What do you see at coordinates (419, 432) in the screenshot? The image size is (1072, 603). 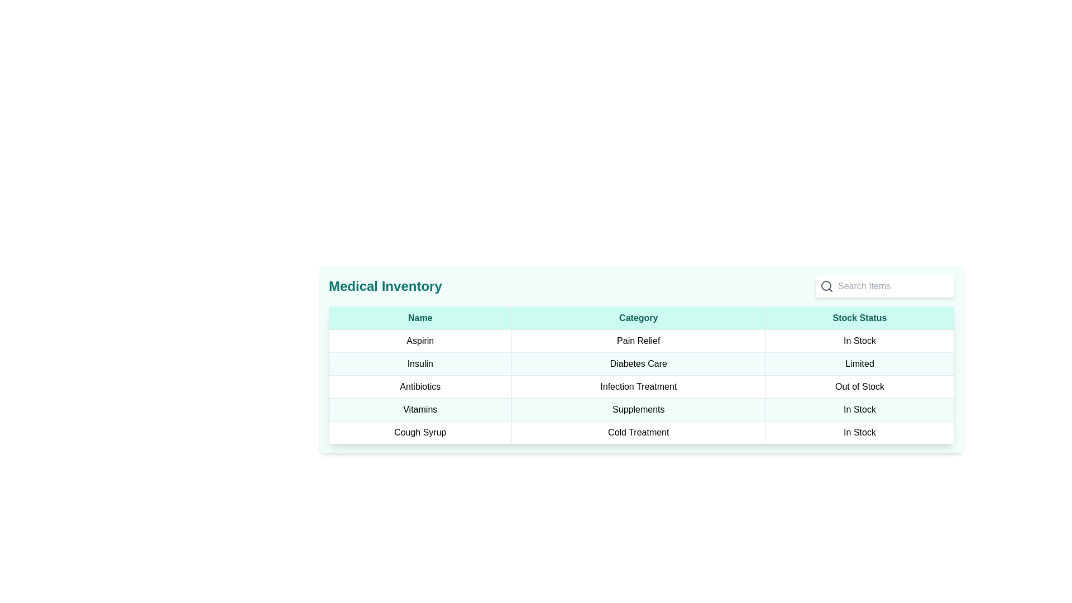 I see `the label representing the product name in the medical inventory table, located in the first column of the last row under the 'Name' column, adjacent to 'Cold Treatment' in the 'Category' column` at bounding box center [419, 432].